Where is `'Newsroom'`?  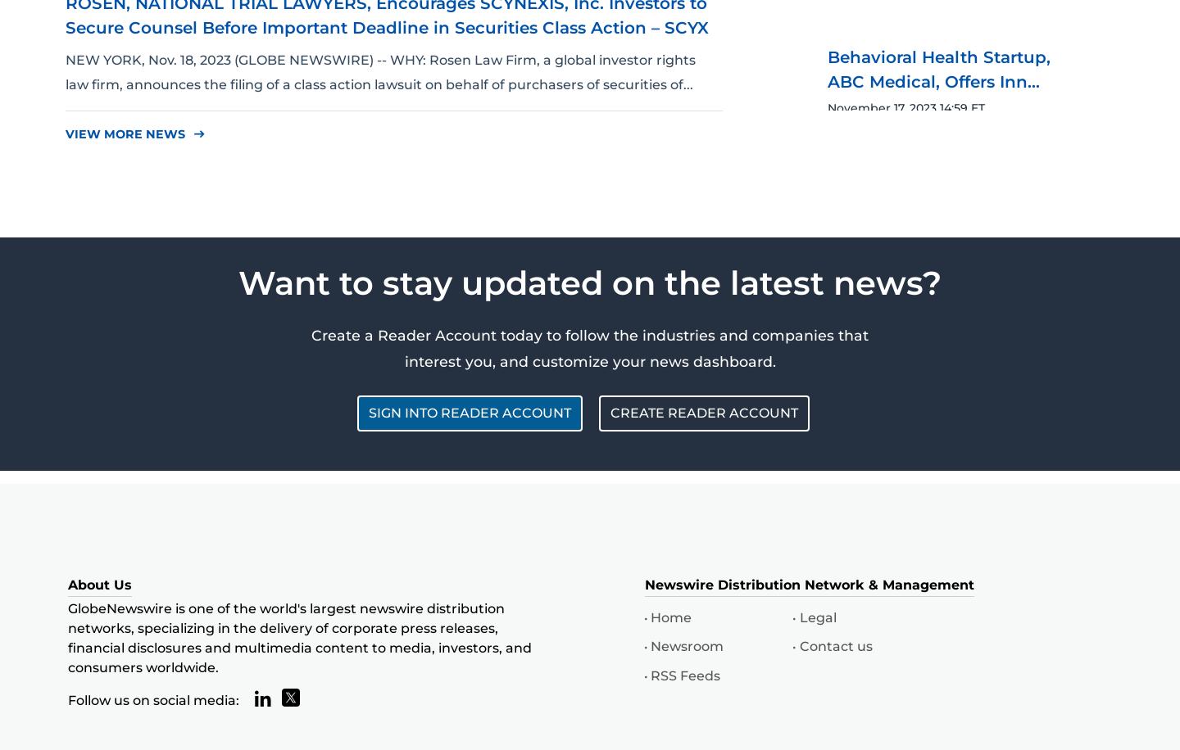
'Newsroom' is located at coordinates (687, 645).